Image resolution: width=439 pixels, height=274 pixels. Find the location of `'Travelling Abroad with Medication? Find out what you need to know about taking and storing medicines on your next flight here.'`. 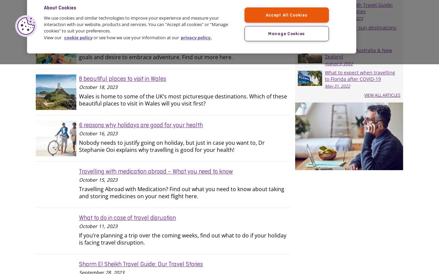

'Travelling Abroad with Medication? Find out what you need to know about taking and storing medicines on your next flight here.' is located at coordinates (181, 192).